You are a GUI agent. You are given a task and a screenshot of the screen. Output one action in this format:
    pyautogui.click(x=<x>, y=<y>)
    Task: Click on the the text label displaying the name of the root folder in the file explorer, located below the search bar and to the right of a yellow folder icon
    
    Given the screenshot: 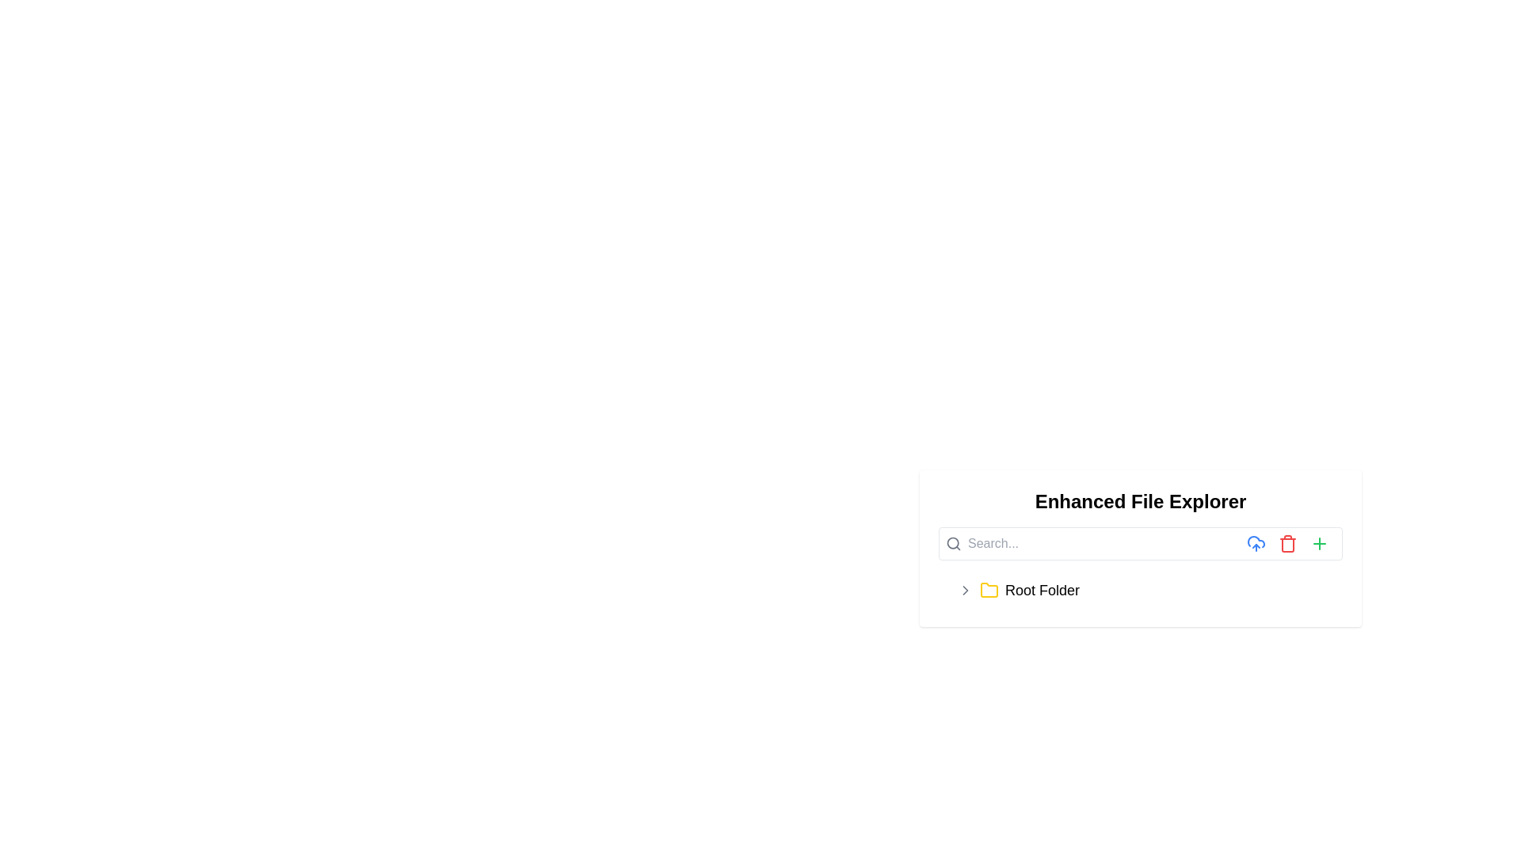 What is the action you would take?
    pyautogui.click(x=1042, y=590)
    